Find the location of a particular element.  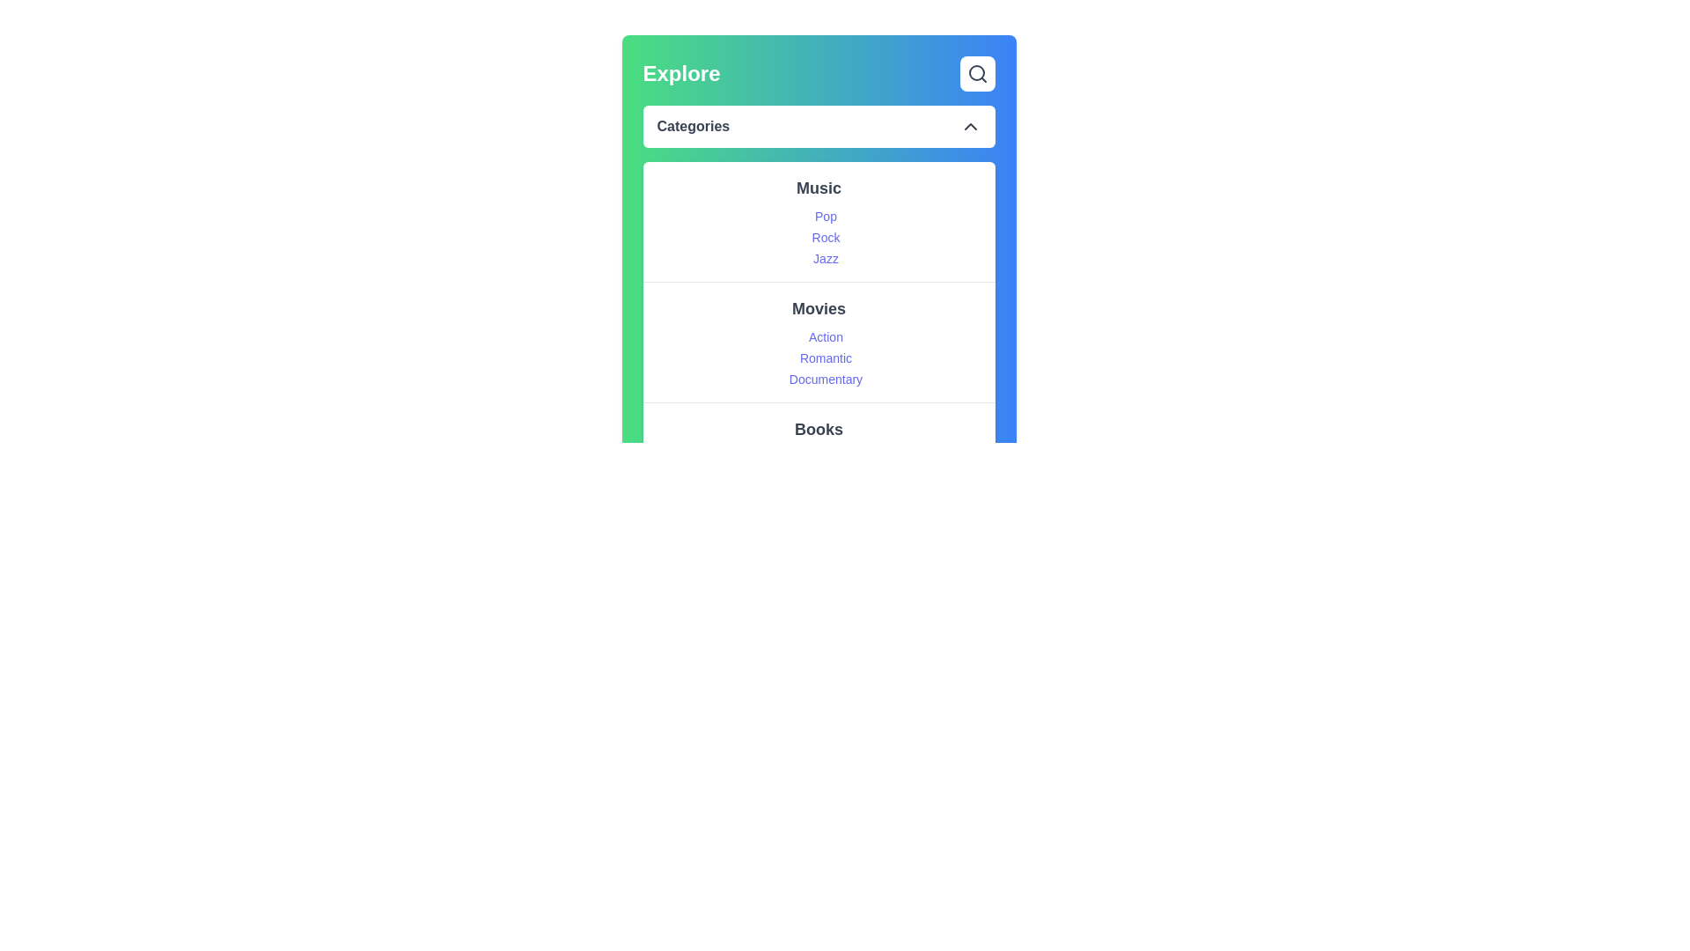

the text label for the 'Jazz' category in the 'Music' section is located at coordinates (825, 258).